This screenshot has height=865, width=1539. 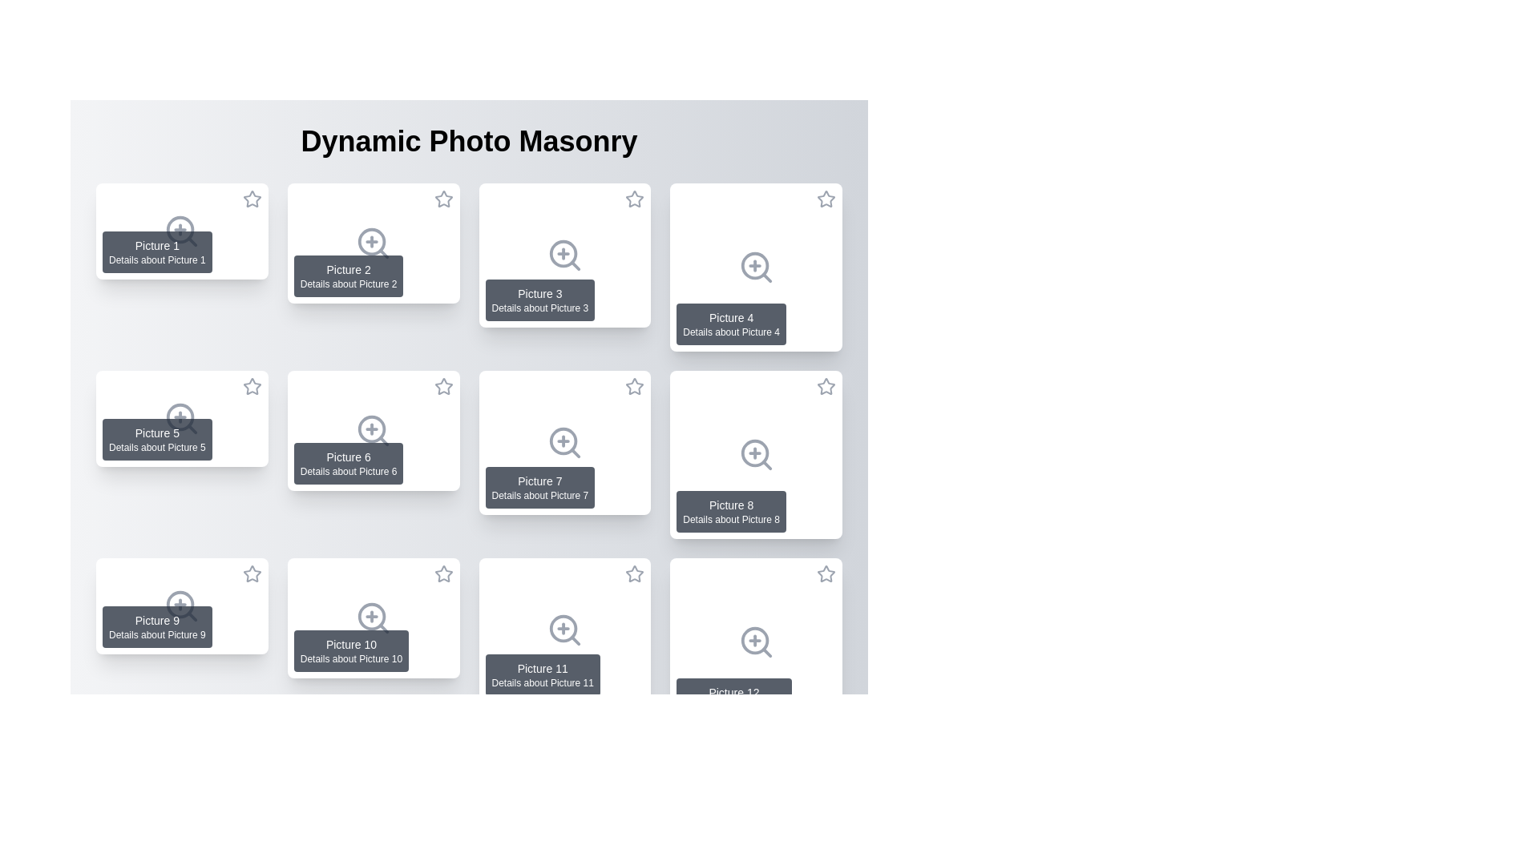 I want to click on the star icon located at the top-right corner of 'Picture 1' card, so click(x=251, y=201).